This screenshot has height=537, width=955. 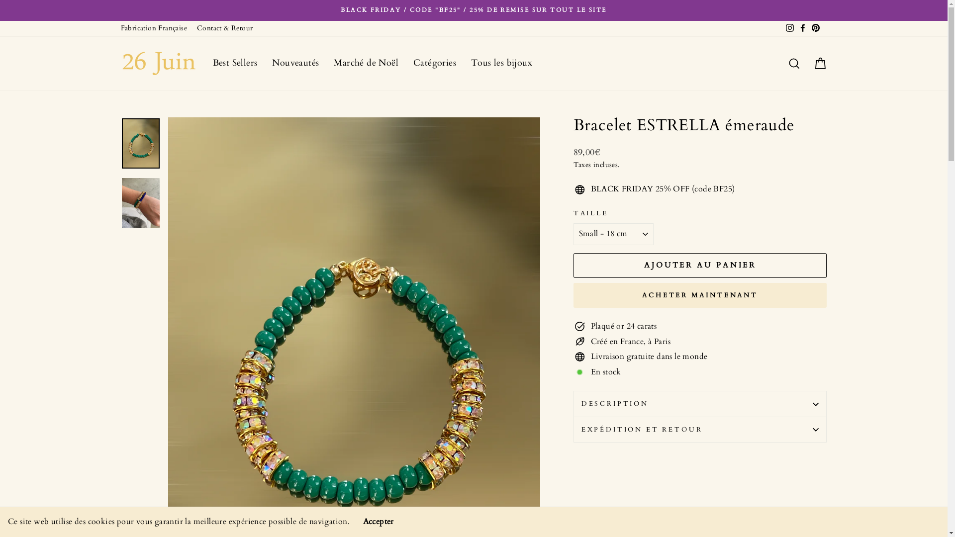 What do you see at coordinates (782, 28) in the screenshot?
I see `'Instagram'` at bounding box center [782, 28].